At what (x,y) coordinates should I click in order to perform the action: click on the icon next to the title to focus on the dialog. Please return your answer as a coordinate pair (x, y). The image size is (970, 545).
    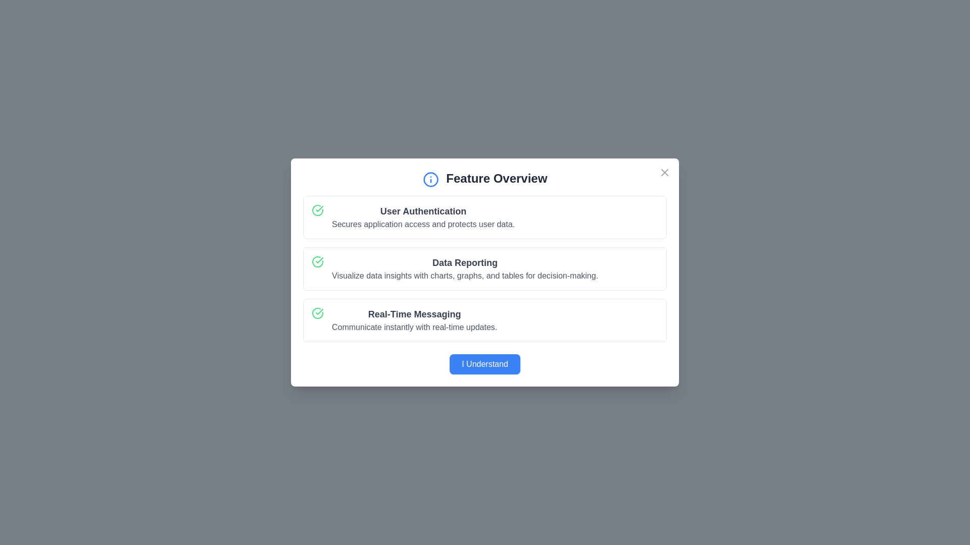
    Looking at the image, I should click on (430, 179).